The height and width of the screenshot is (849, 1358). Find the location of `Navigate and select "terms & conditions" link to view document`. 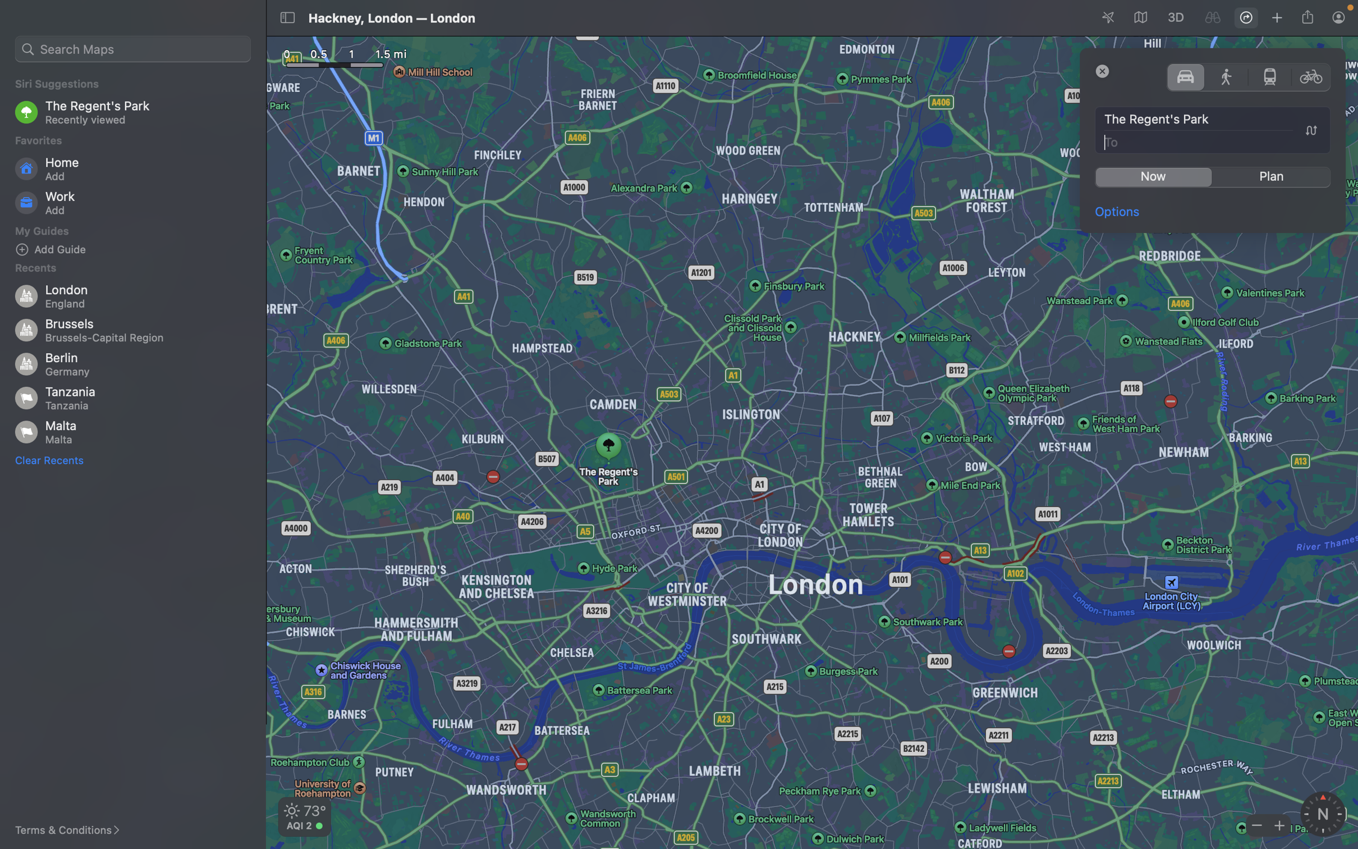

Navigate and select "terms & conditions" link to view document is located at coordinates (74, 830).